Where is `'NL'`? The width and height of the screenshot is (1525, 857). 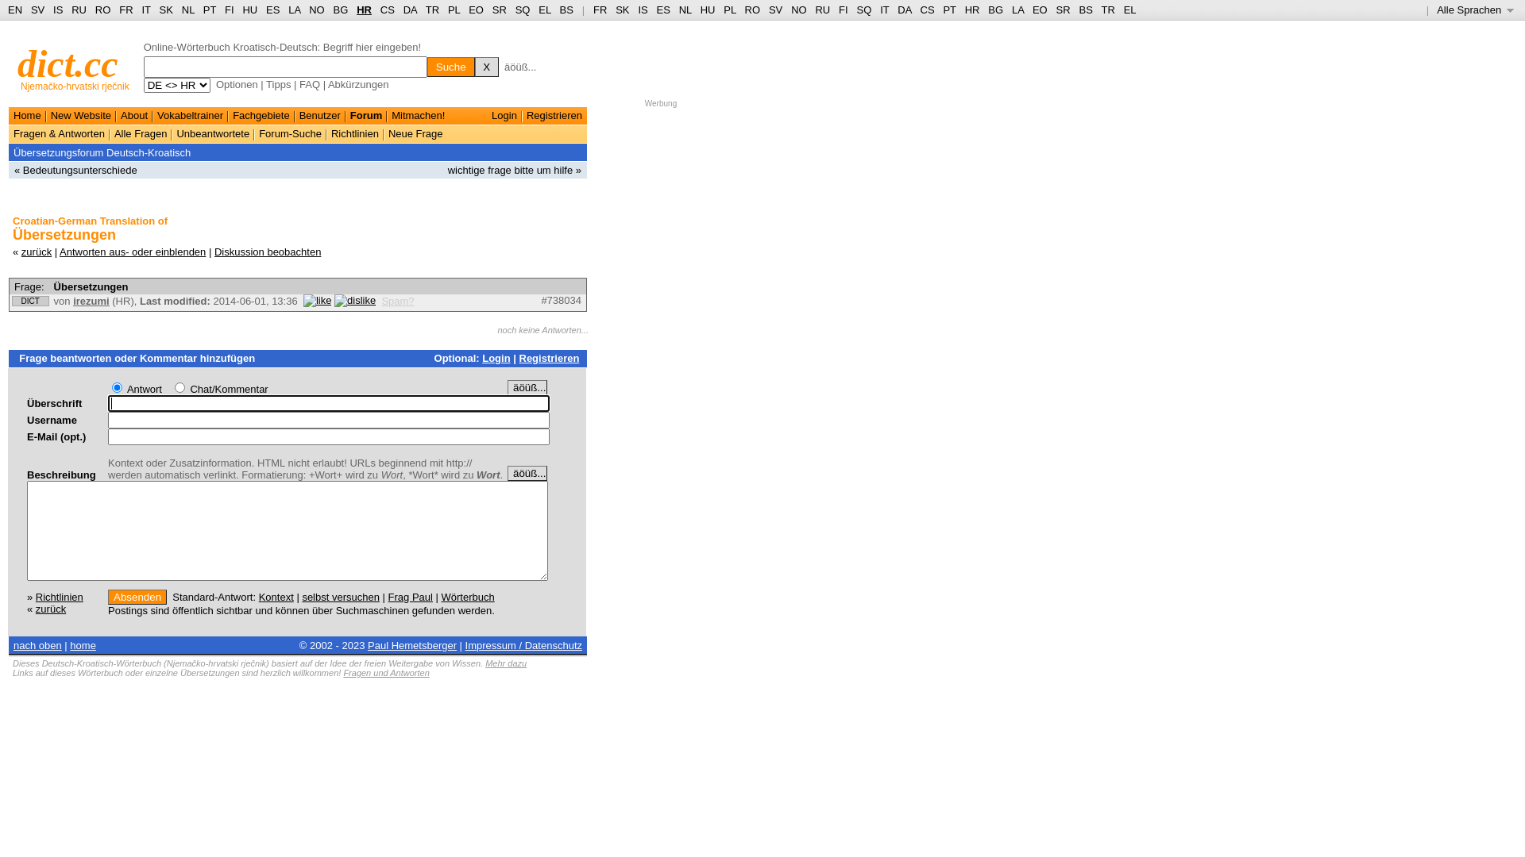
'NL' is located at coordinates (685, 10).